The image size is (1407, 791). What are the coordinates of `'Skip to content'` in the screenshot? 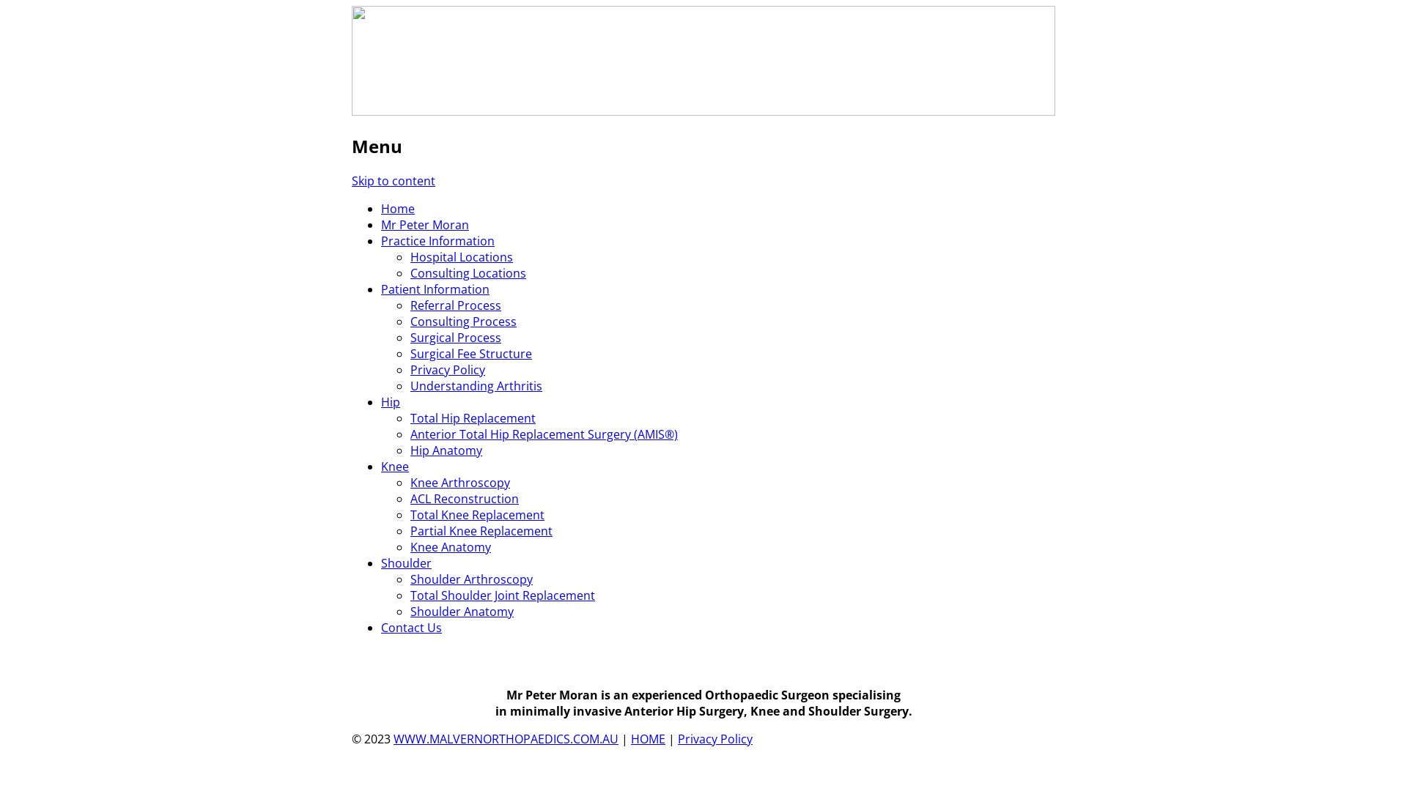 It's located at (352, 179).